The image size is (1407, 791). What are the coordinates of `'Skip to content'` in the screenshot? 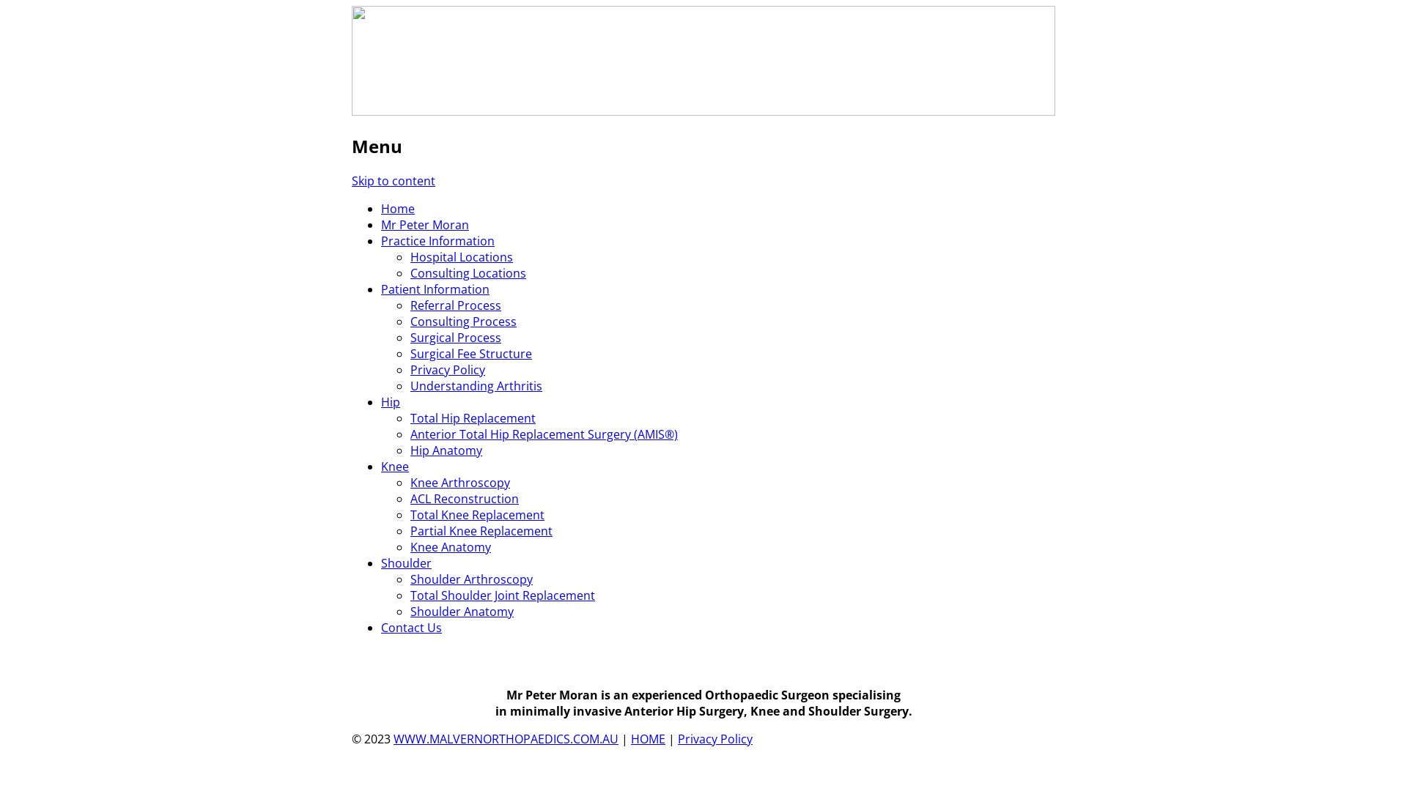 It's located at (352, 179).